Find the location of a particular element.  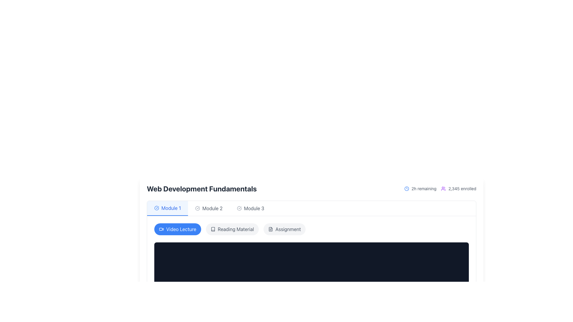

the 'Assignment' button, which contains an icon resembling a document or file with lines representing text, located in a horizontal row of buttons below the modules section is located at coordinates (270, 229).